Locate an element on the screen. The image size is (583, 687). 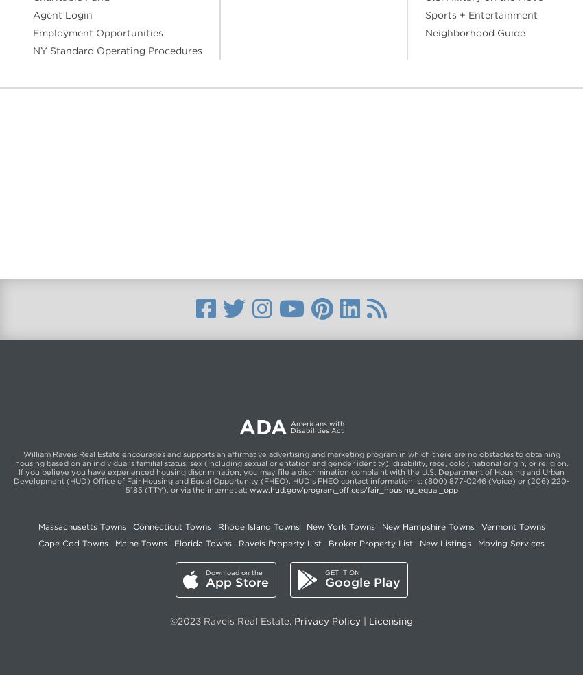
'Disabilities Act' is located at coordinates (316, 430).